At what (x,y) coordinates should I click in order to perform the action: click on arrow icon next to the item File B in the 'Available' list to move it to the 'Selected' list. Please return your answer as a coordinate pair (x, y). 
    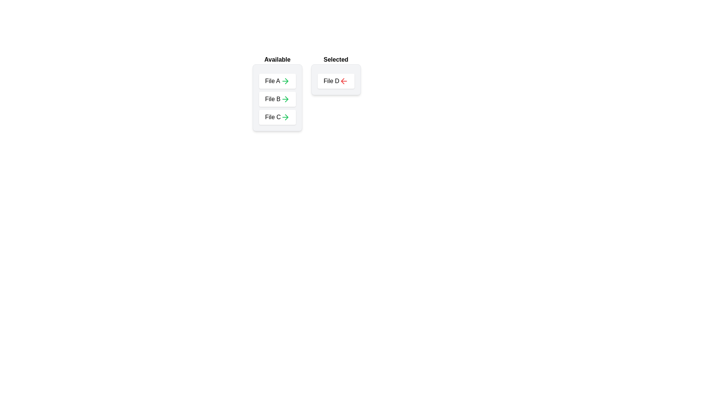
    Looking at the image, I should click on (285, 98).